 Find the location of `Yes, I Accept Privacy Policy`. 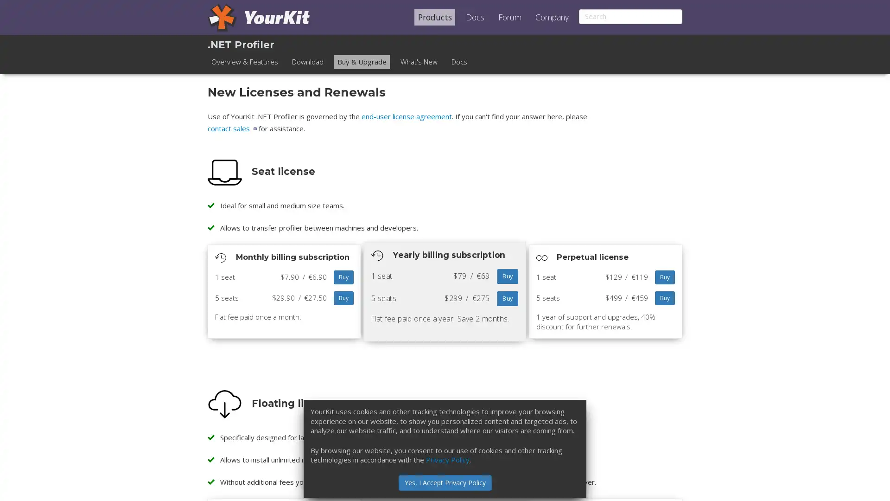

Yes, I Accept Privacy Policy is located at coordinates (444, 482).